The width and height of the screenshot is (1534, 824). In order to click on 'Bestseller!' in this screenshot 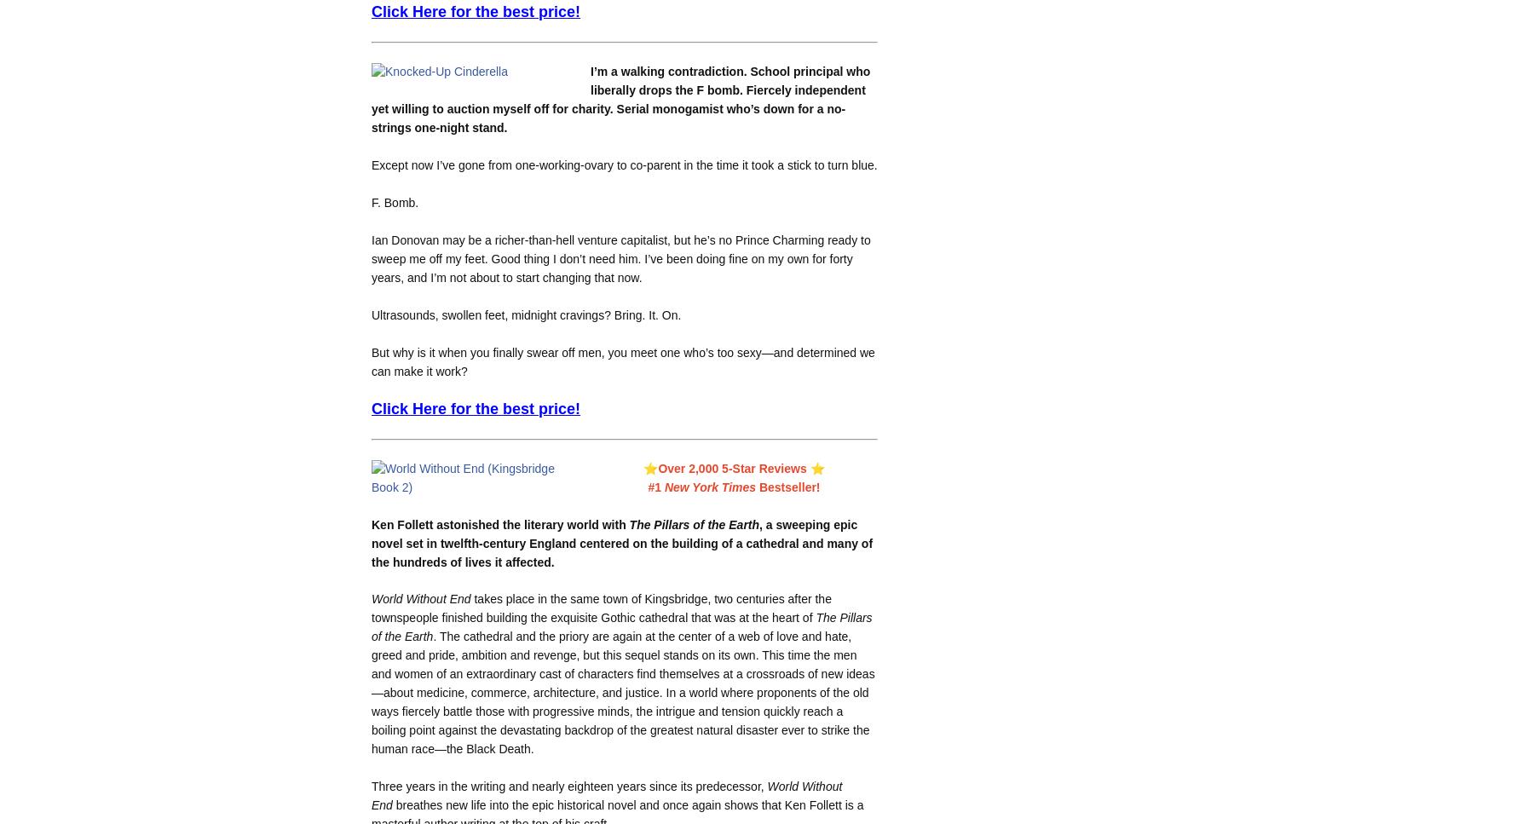, I will do `click(787, 486)`.